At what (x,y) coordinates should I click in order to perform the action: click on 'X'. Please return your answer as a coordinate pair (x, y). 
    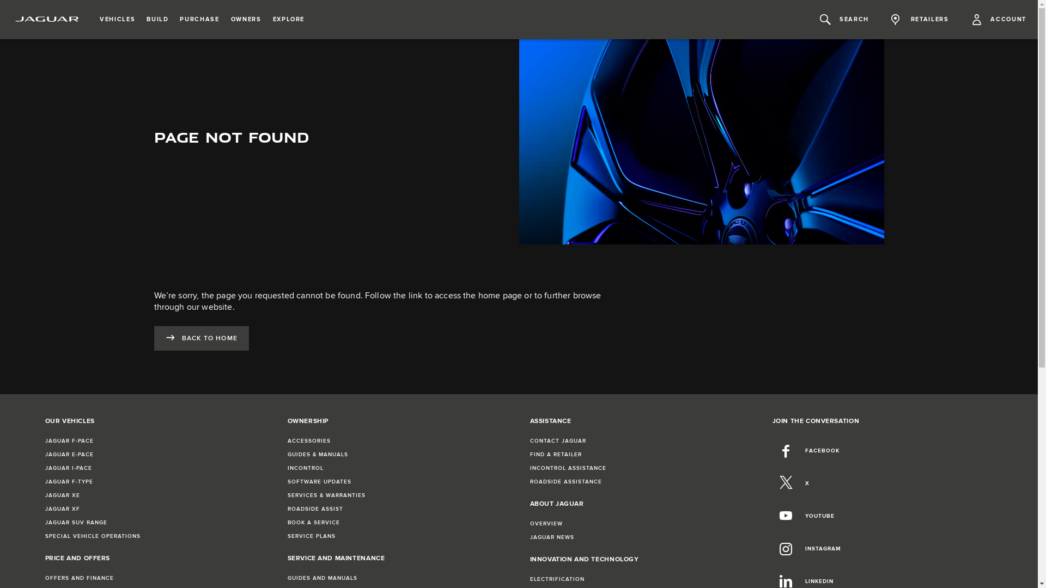
    Looking at the image, I should click on (790, 482).